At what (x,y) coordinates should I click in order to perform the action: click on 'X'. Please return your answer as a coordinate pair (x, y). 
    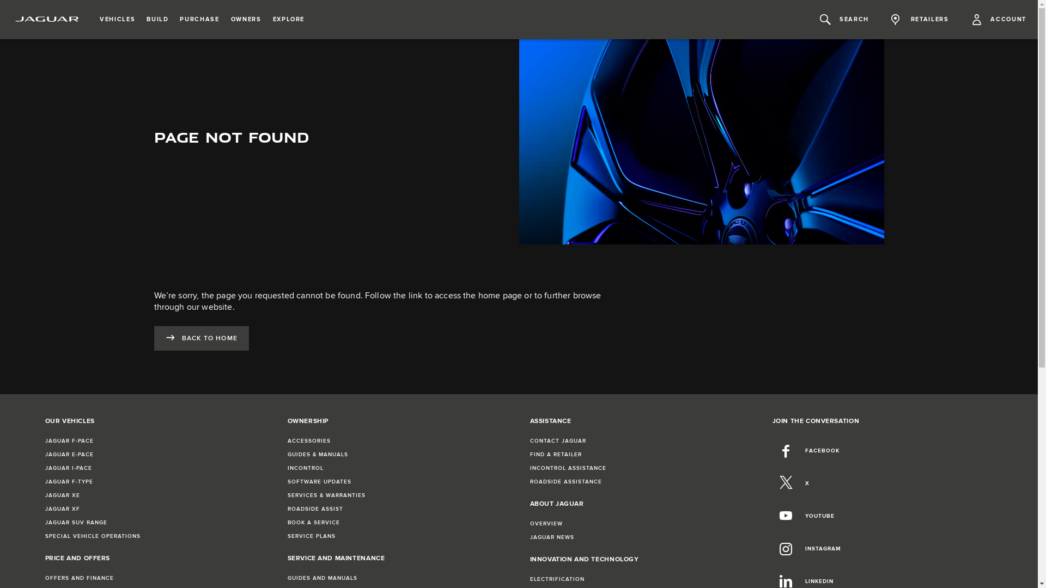
    Looking at the image, I should click on (790, 482).